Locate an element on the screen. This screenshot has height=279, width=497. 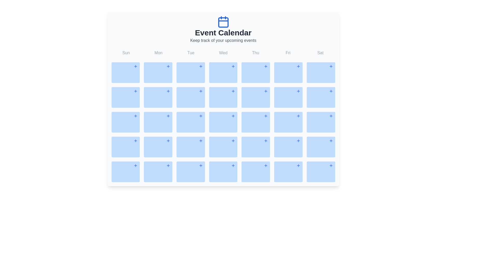
the '+' icon button located in the bottom right corner of the calendar cell for Friday is located at coordinates (298, 141).